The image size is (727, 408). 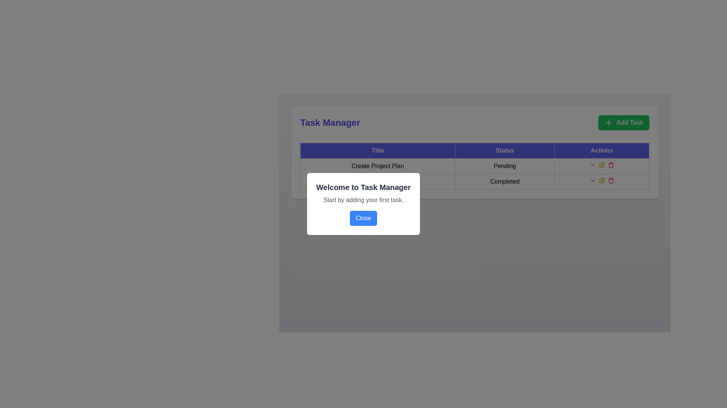 I want to click on the second cell in the second row of the table under the 'Status' column, which displays the completion status of a task, so click(x=474, y=182).